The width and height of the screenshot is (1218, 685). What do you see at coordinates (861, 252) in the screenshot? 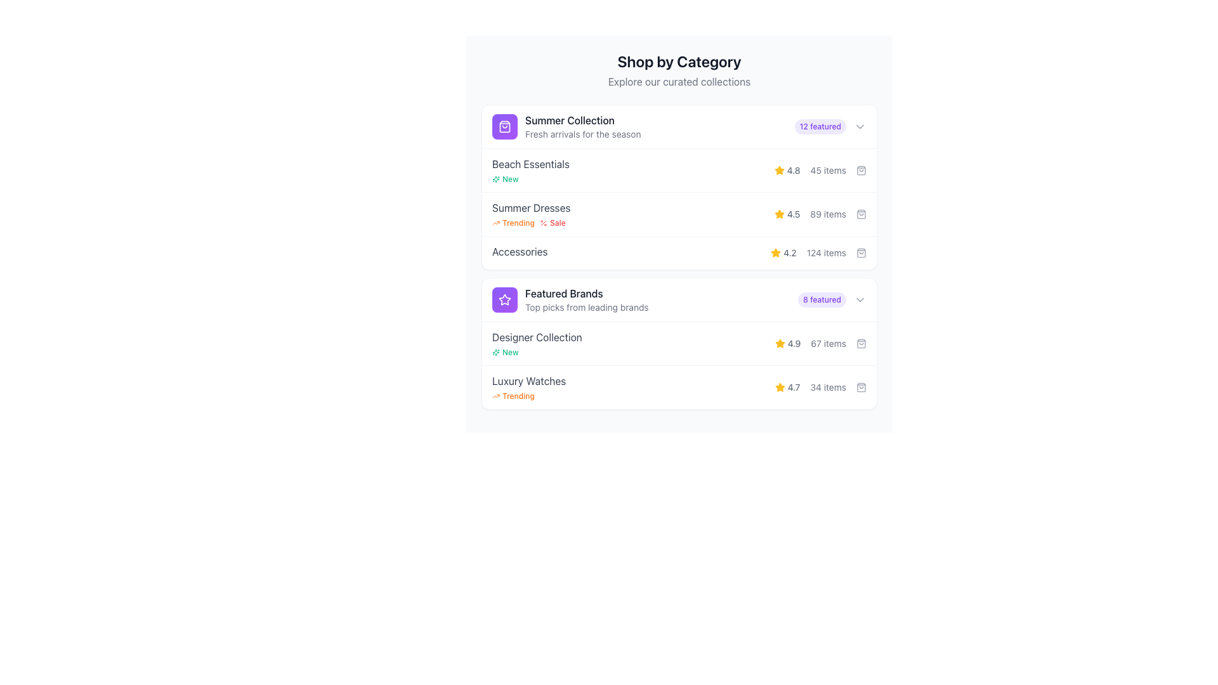
I see `the shopping bag icon, which is a simplistic line art SVG graphic with a gray stroke that transitions to violet on hover, located at the far right of the row associated with the 'Accessories' category` at bounding box center [861, 252].